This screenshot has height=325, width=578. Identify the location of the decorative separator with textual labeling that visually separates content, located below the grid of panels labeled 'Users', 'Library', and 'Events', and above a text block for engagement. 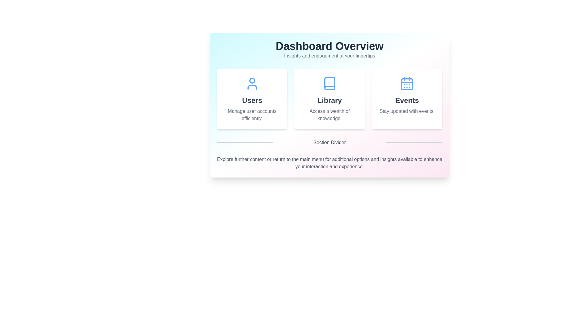
(329, 143).